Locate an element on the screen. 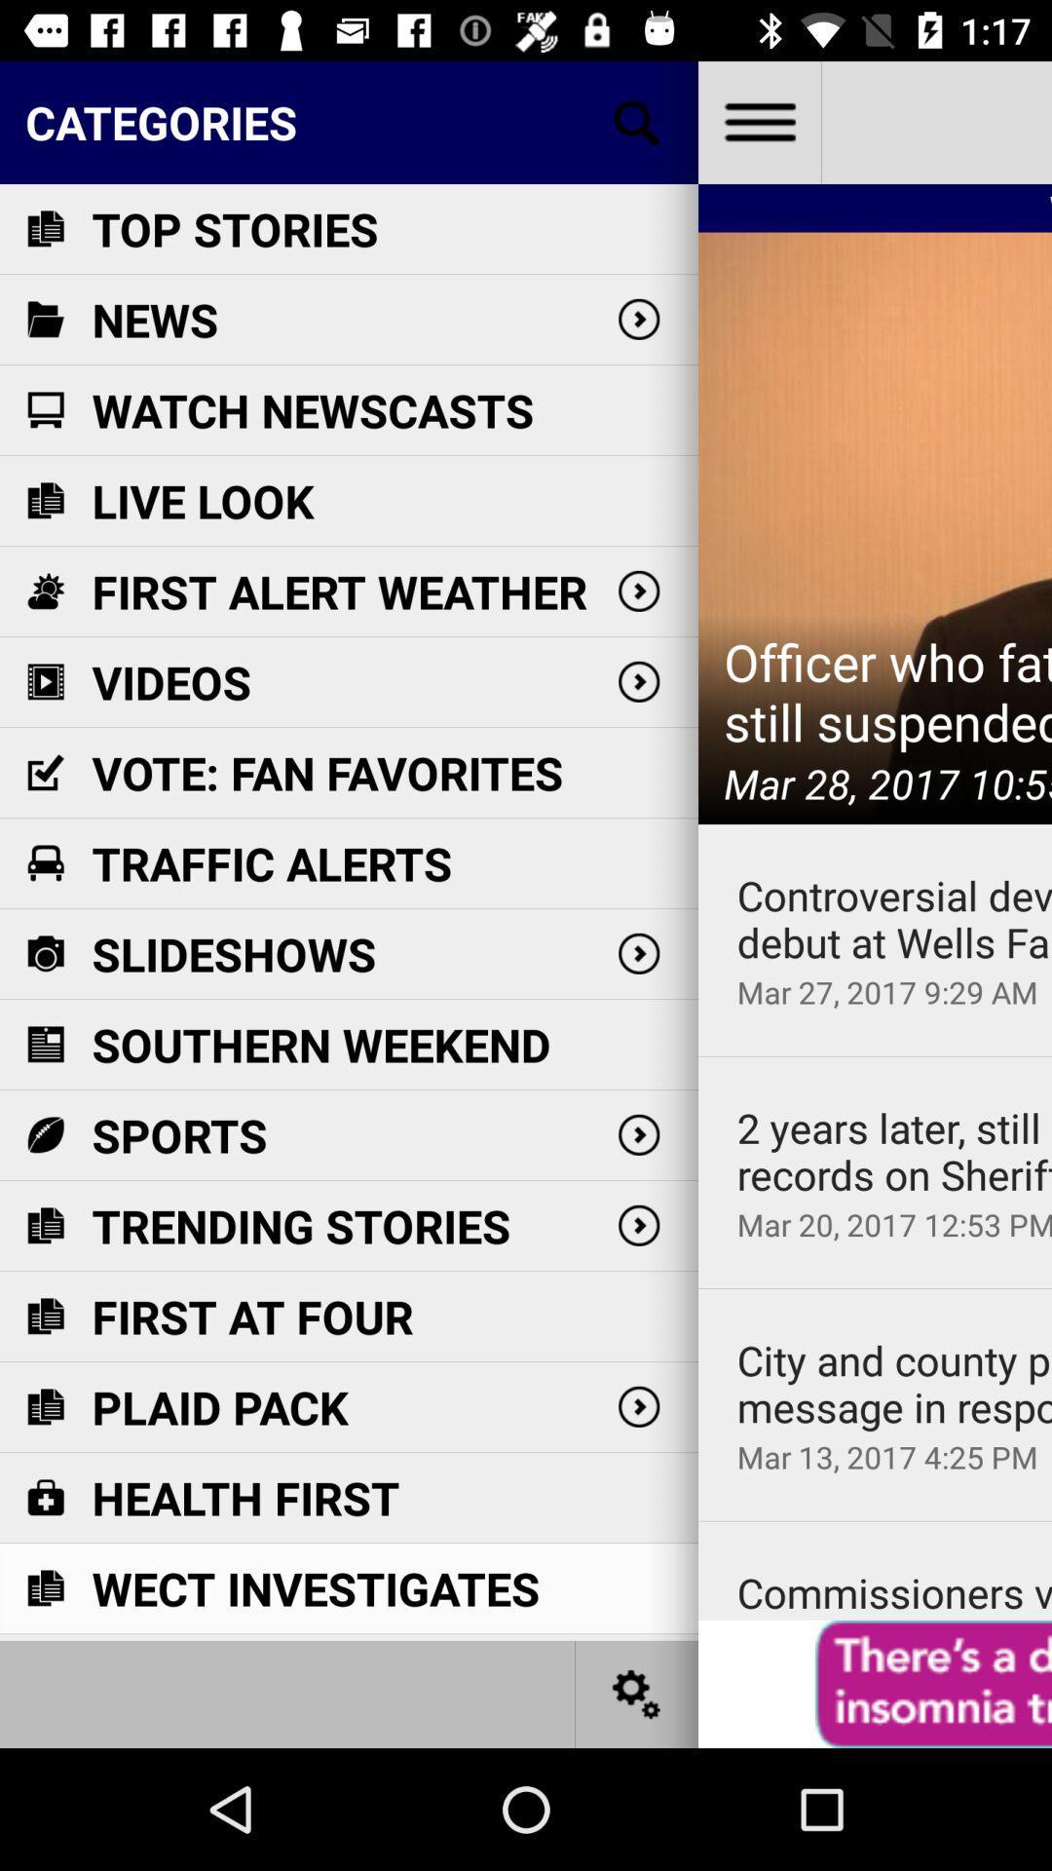  the search icon is located at coordinates (637, 121).